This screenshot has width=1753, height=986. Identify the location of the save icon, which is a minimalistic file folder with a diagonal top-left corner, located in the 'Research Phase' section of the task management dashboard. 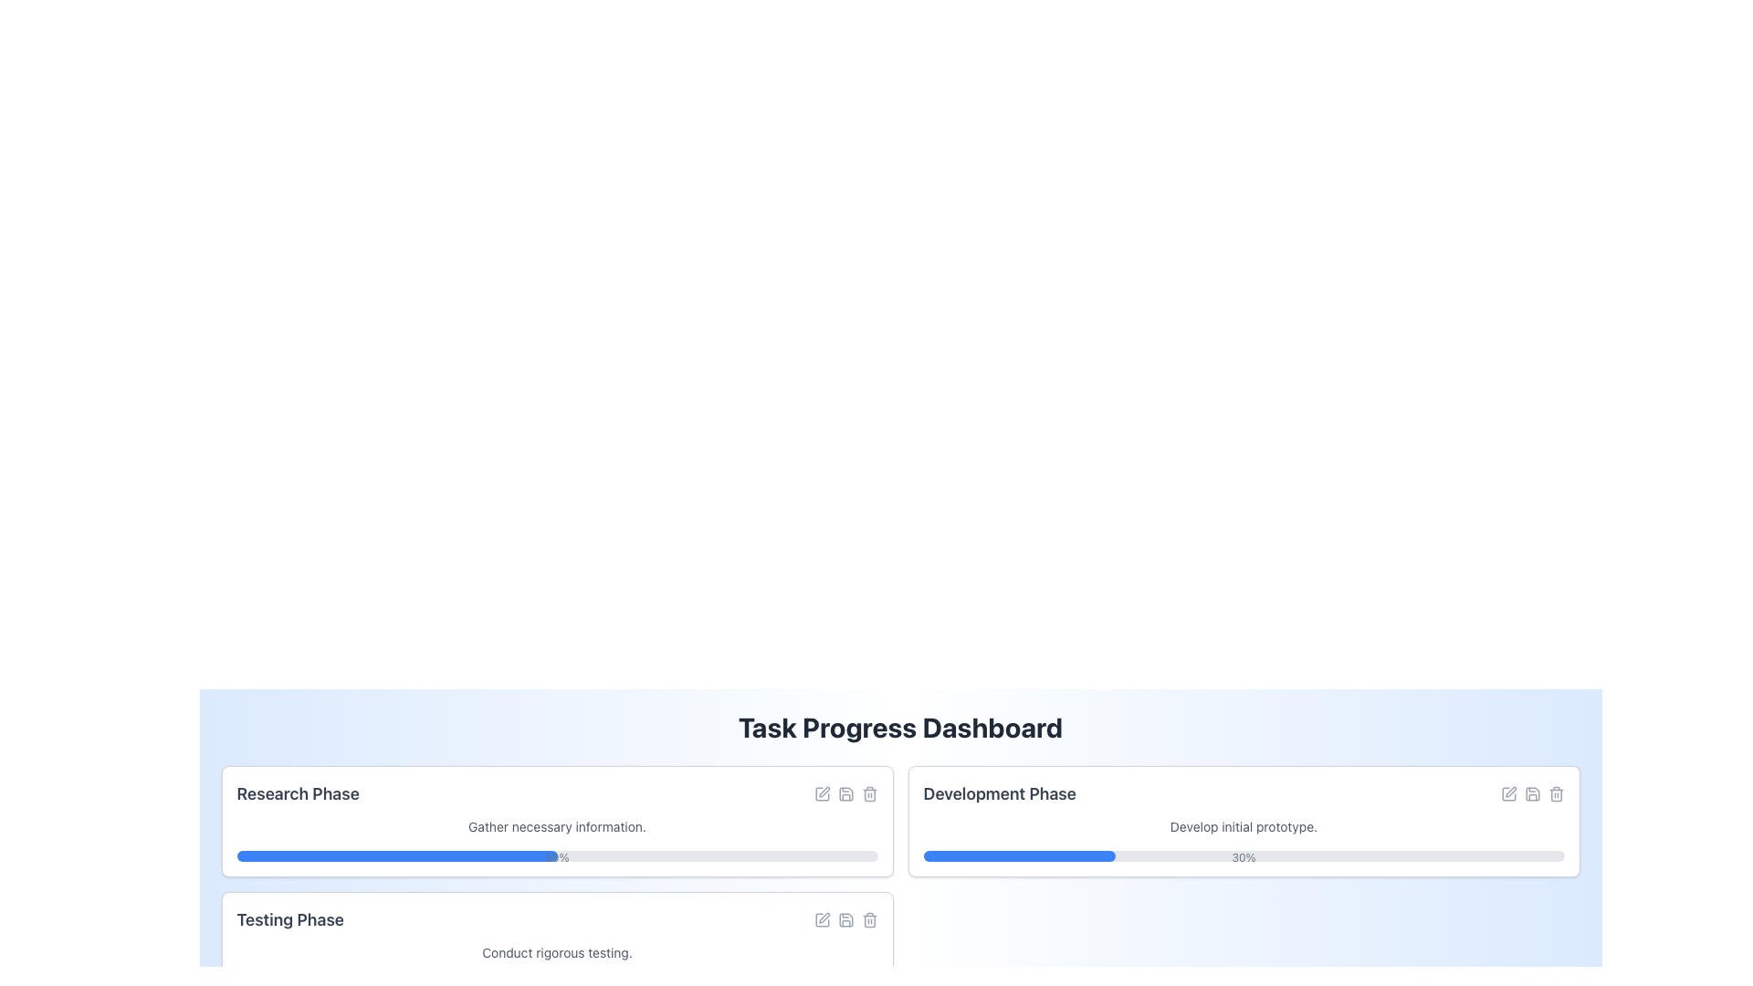
(845, 793).